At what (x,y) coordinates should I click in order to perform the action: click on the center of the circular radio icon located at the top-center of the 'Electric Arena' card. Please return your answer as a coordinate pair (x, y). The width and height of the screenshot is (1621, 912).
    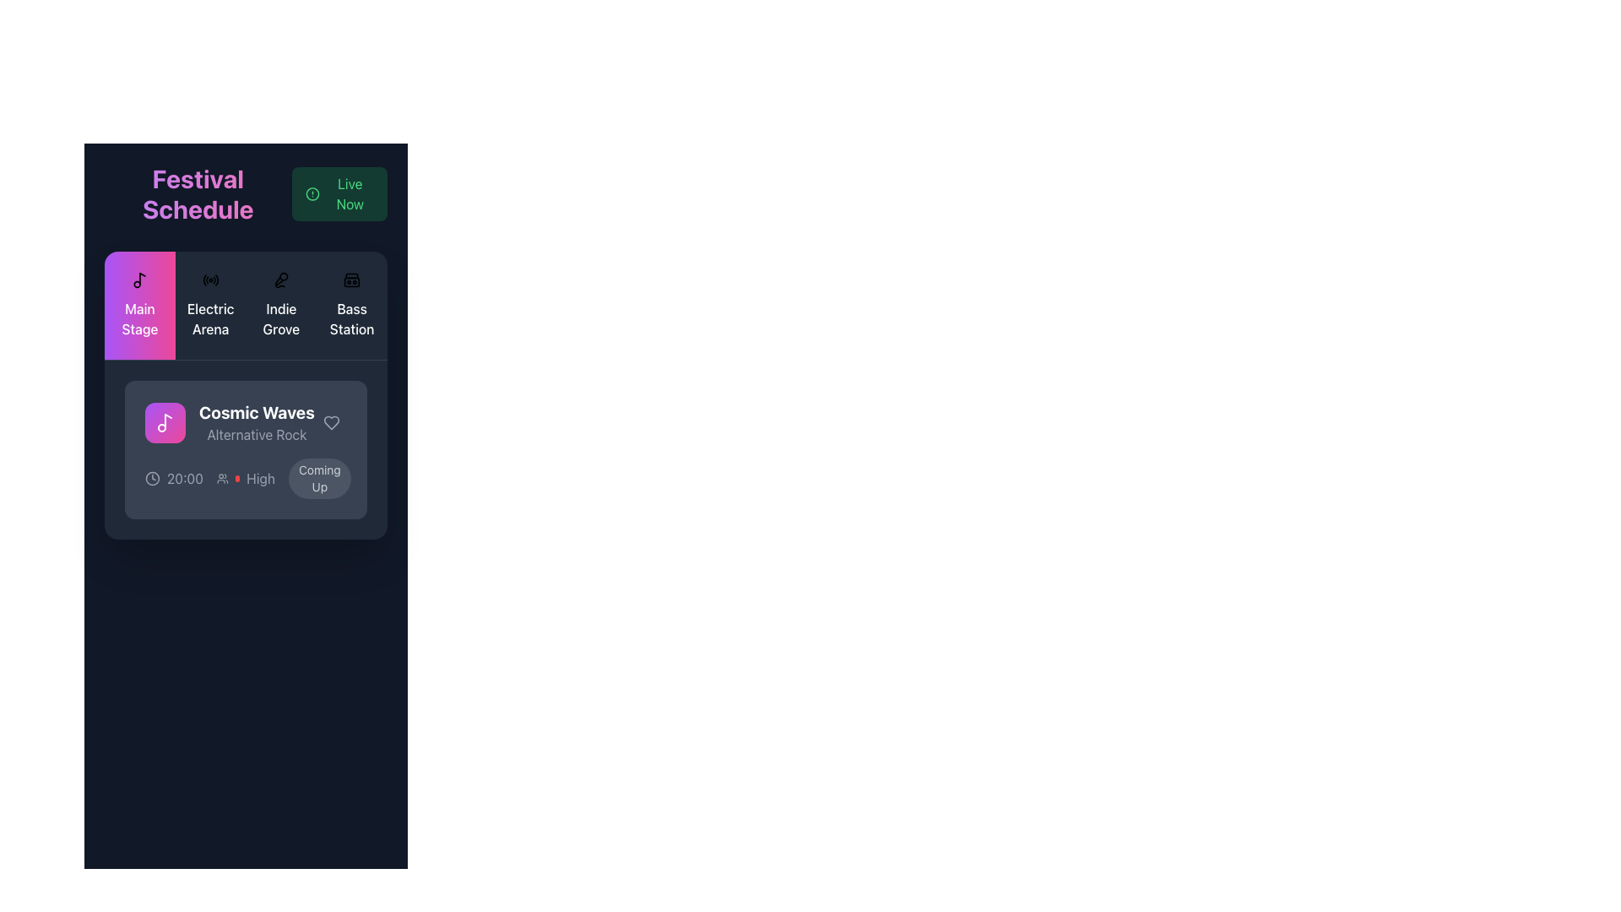
    Looking at the image, I should click on (209, 279).